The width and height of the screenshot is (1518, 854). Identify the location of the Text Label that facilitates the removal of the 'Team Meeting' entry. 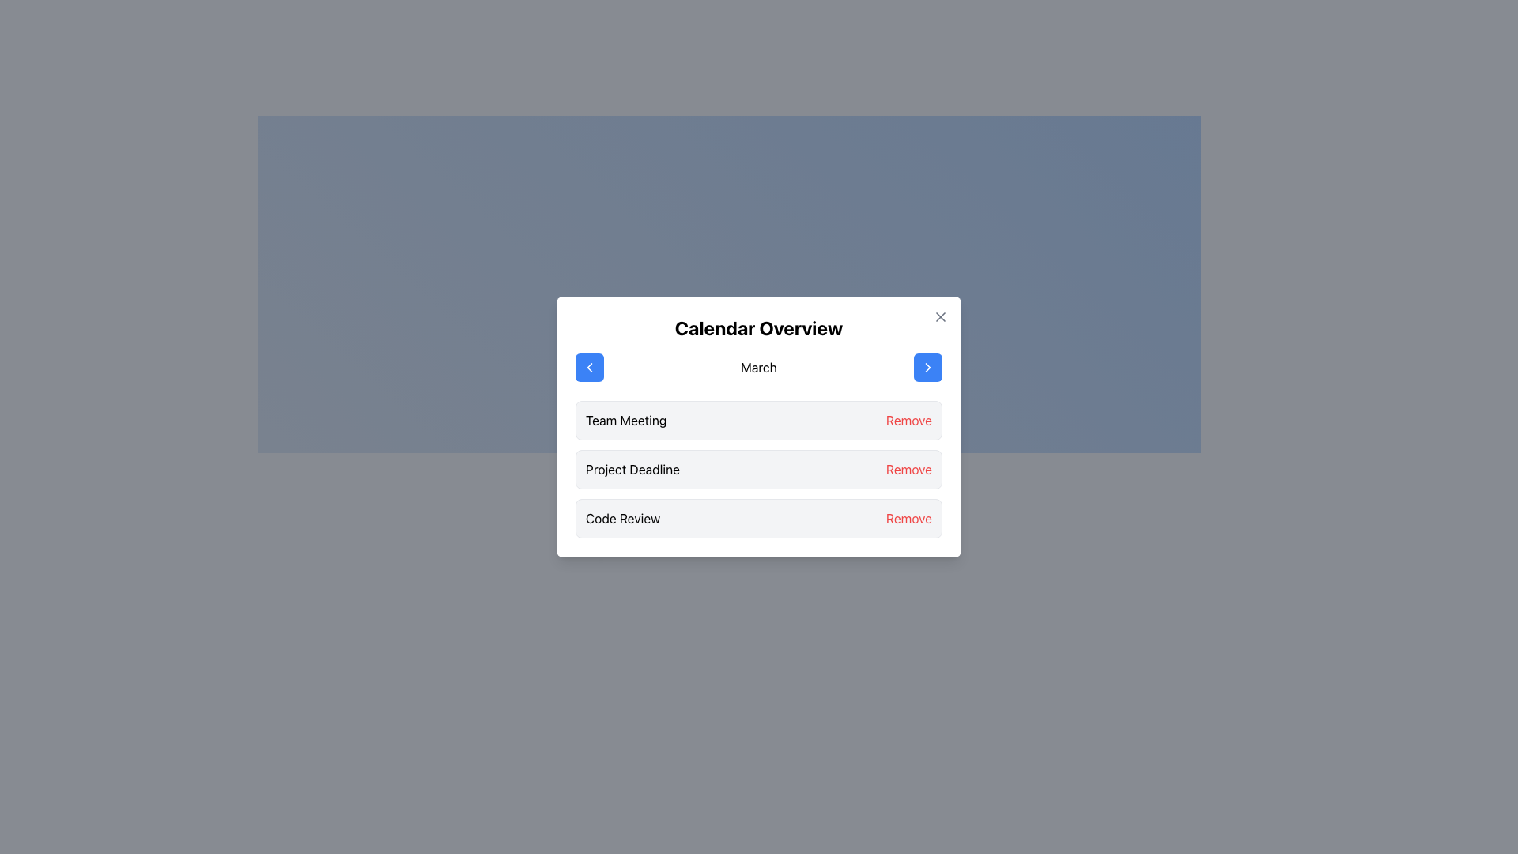
(908, 420).